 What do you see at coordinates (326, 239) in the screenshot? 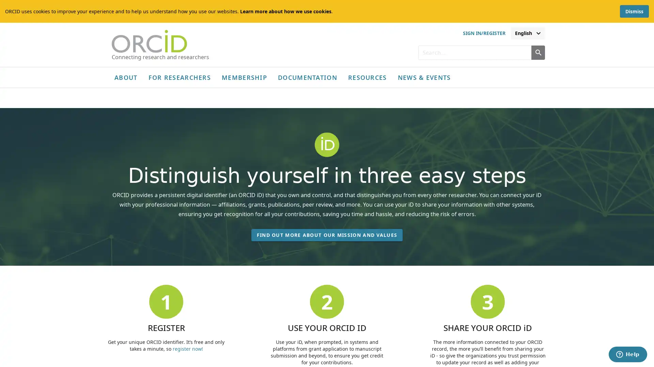
I see `FIND OUT MORE ABOUT OUR MISSION AND VALUES` at bounding box center [326, 239].